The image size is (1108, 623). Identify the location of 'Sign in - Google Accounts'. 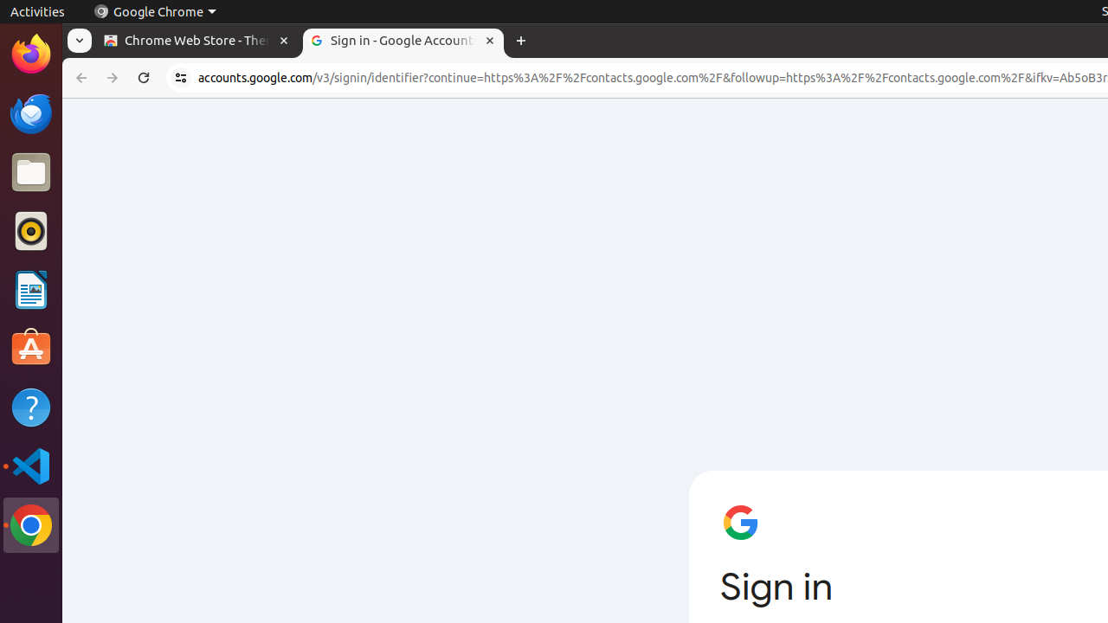
(403, 40).